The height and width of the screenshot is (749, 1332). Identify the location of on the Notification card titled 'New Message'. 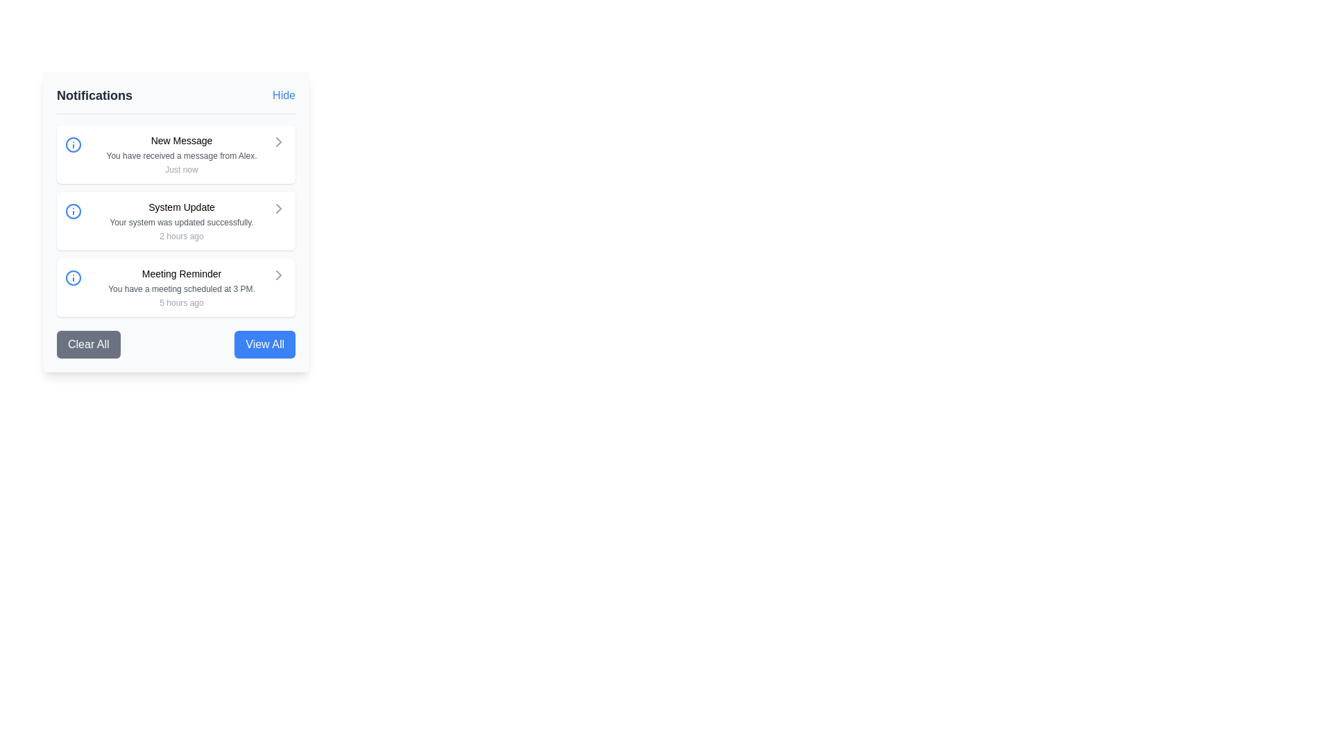
(176, 155).